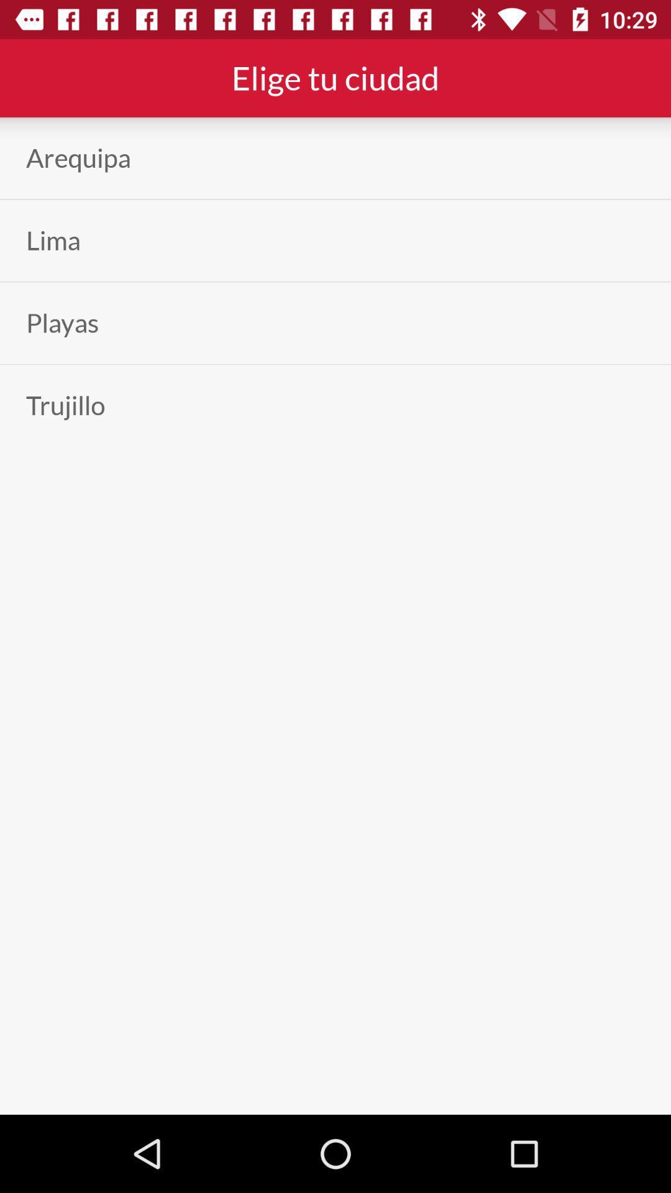  Describe the element at coordinates (65, 405) in the screenshot. I see `the icon below playas icon` at that location.